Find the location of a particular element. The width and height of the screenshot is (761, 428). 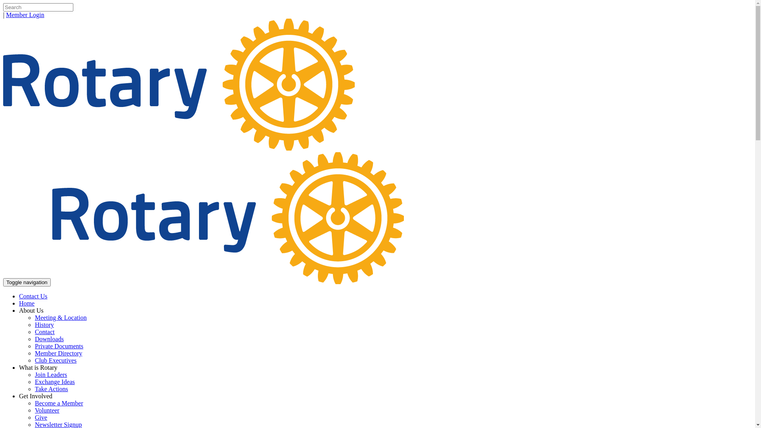

'Contact' is located at coordinates (44, 332).